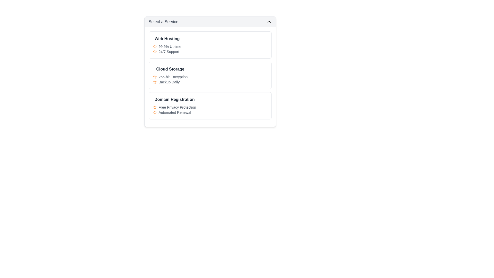 The height and width of the screenshot is (278, 494). What do you see at coordinates (154, 51) in the screenshot?
I see `the orange, hollow star-shaped icon located to the left of the 'Web Hosting' text in the first item of the 'Select a Service' dropdown` at bounding box center [154, 51].